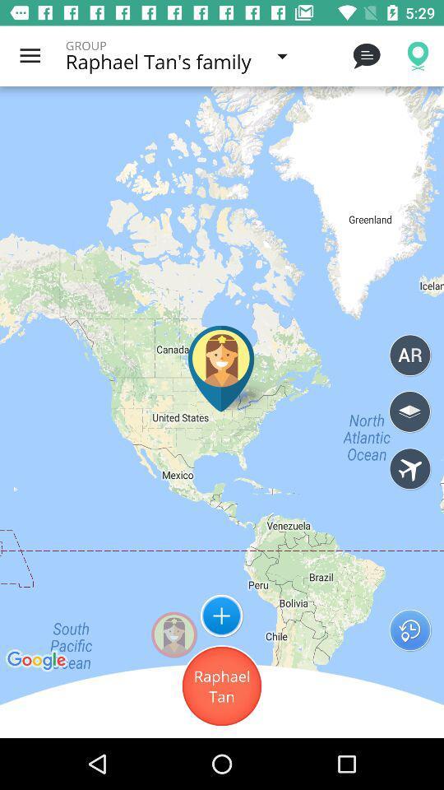 The height and width of the screenshot is (790, 444). Describe the element at coordinates (409, 468) in the screenshot. I see `family locater` at that location.